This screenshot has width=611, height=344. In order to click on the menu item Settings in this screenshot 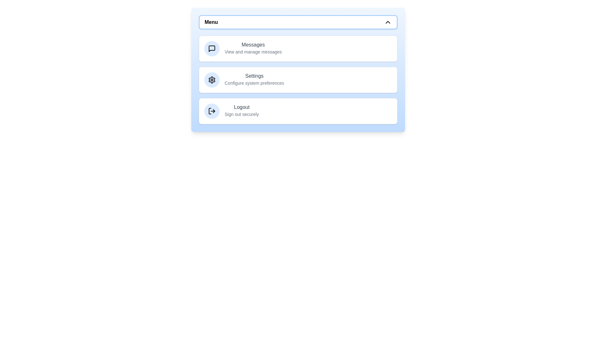, I will do `click(298, 79)`.